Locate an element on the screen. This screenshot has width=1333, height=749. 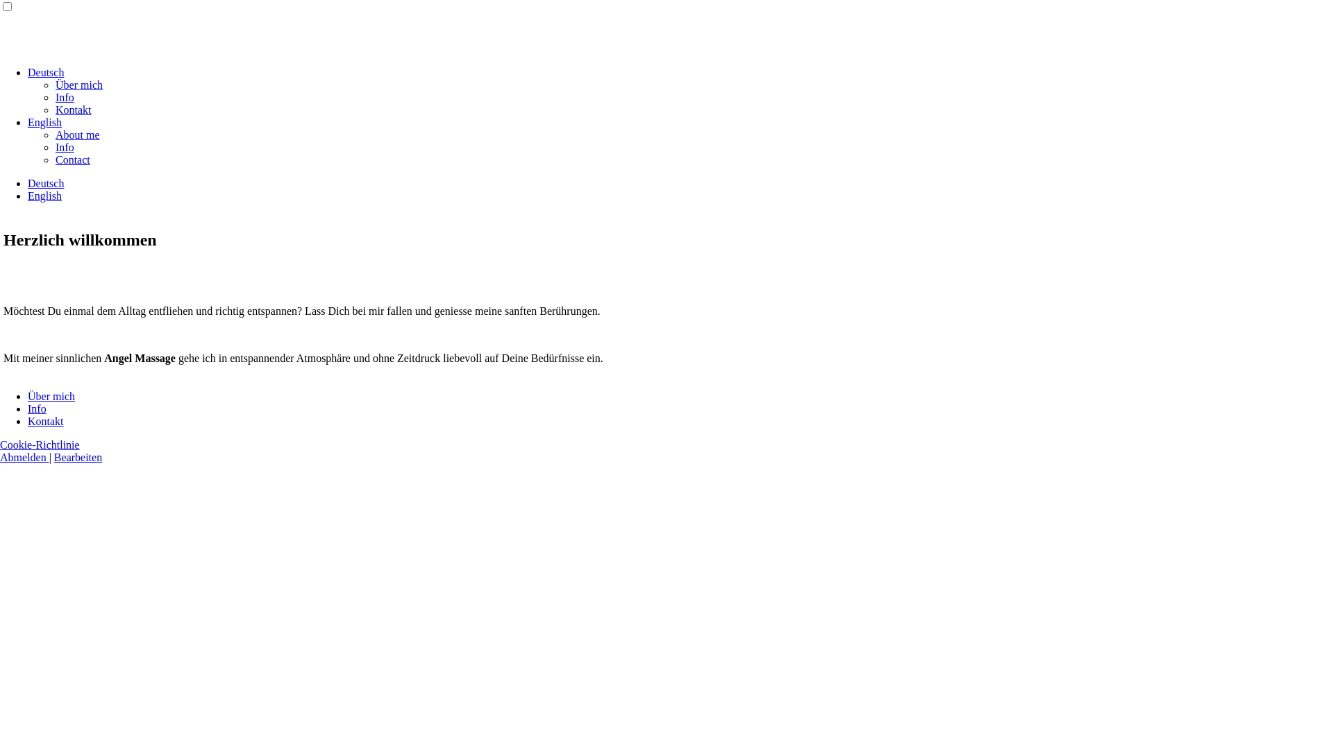
'Deutsch' is located at coordinates (46, 182).